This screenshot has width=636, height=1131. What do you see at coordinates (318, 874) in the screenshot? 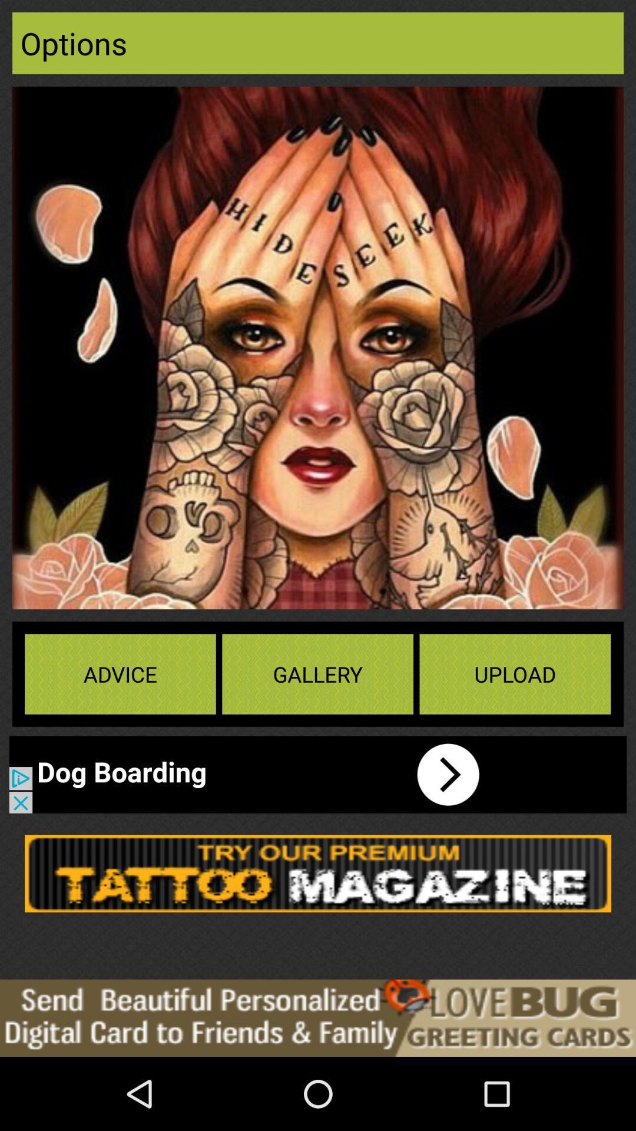
I see `product` at bounding box center [318, 874].